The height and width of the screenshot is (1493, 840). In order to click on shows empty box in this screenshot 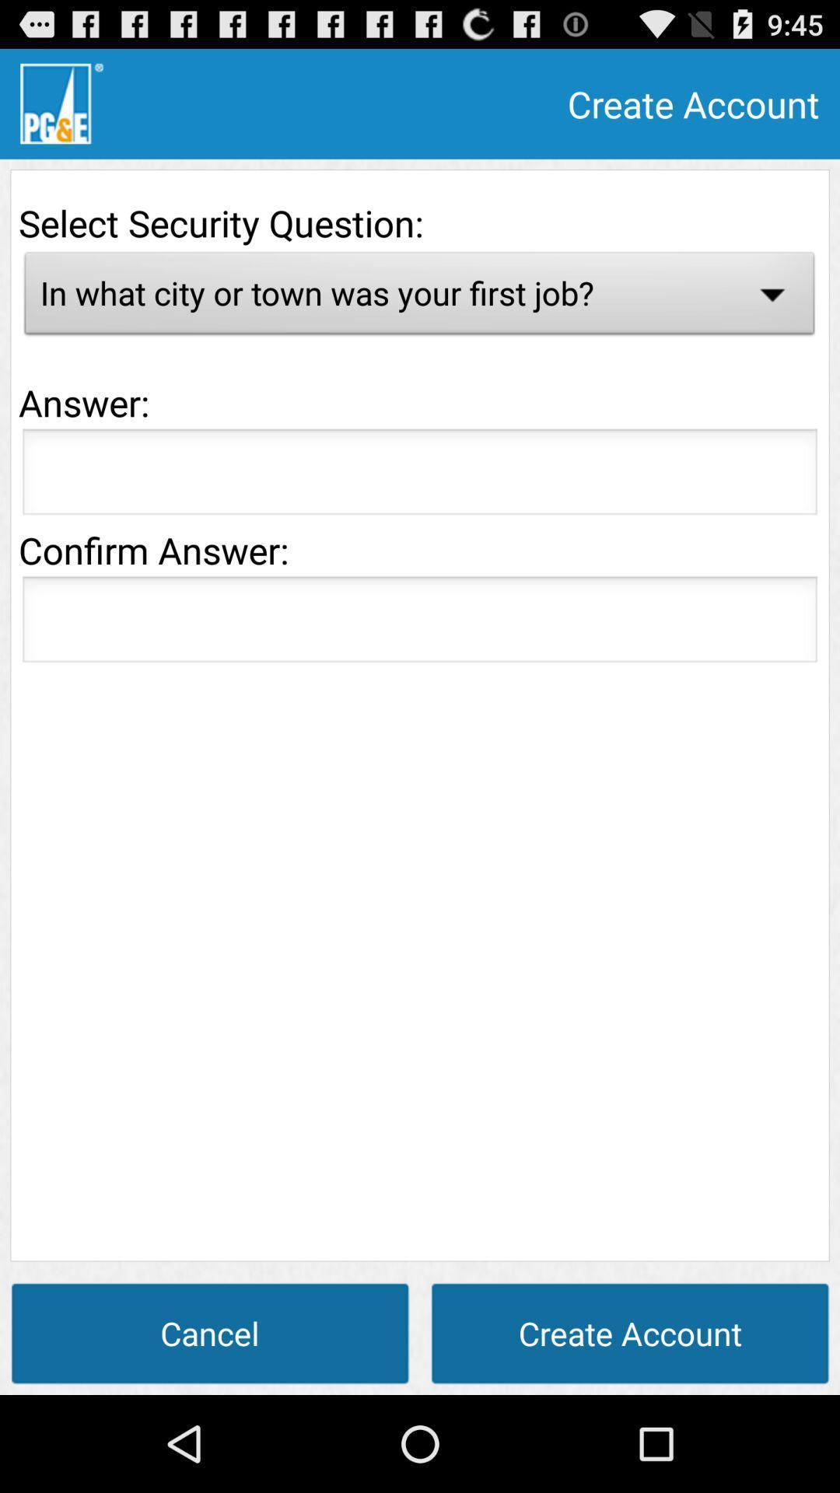, I will do `click(420, 475)`.